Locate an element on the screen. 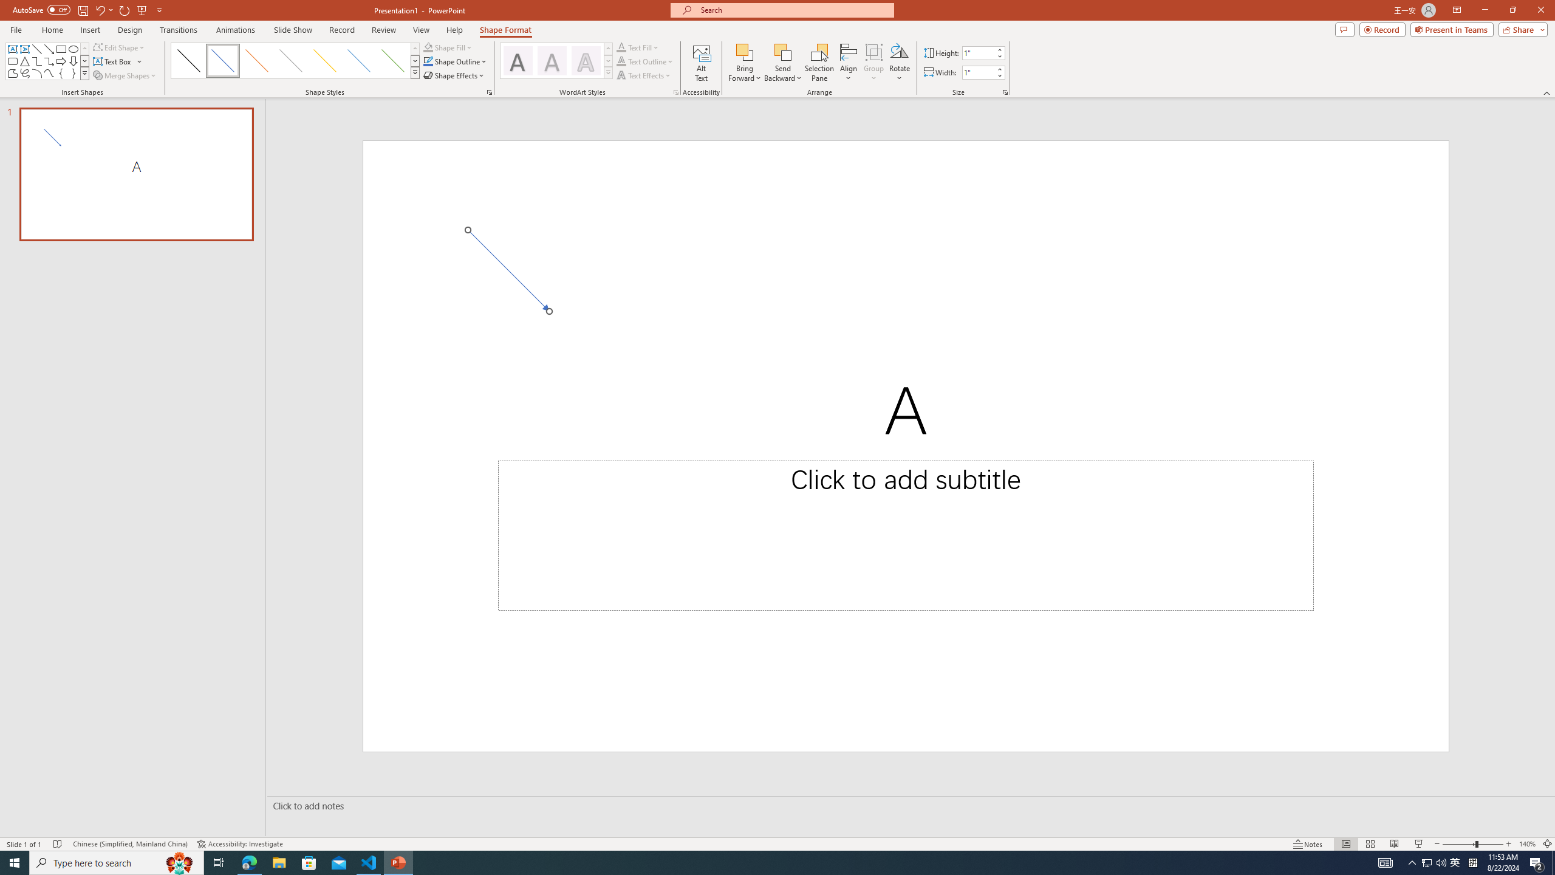 The height and width of the screenshot is (875, 1555). 'Text Outline' is located at coordinates (621, 60).